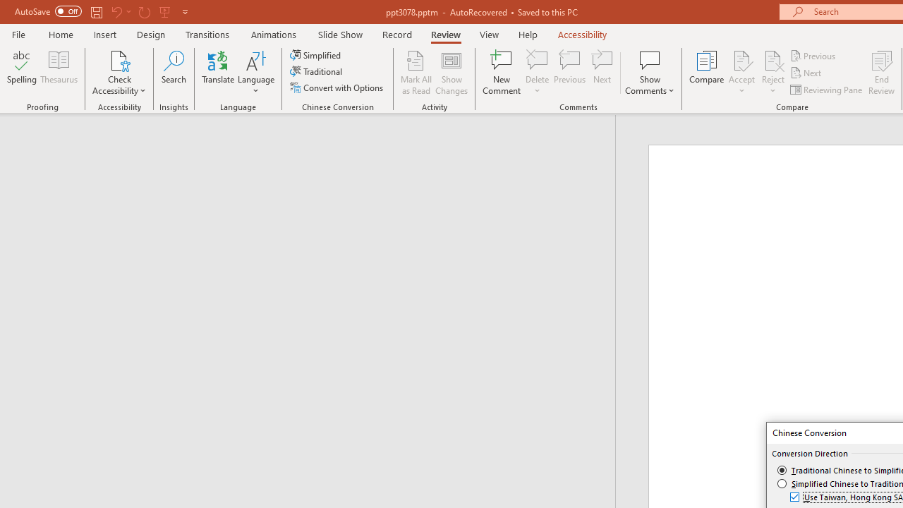 The height and width of the screenshot is (508, 903). I want to click on 'Mark All as Read', so click(416, 73).